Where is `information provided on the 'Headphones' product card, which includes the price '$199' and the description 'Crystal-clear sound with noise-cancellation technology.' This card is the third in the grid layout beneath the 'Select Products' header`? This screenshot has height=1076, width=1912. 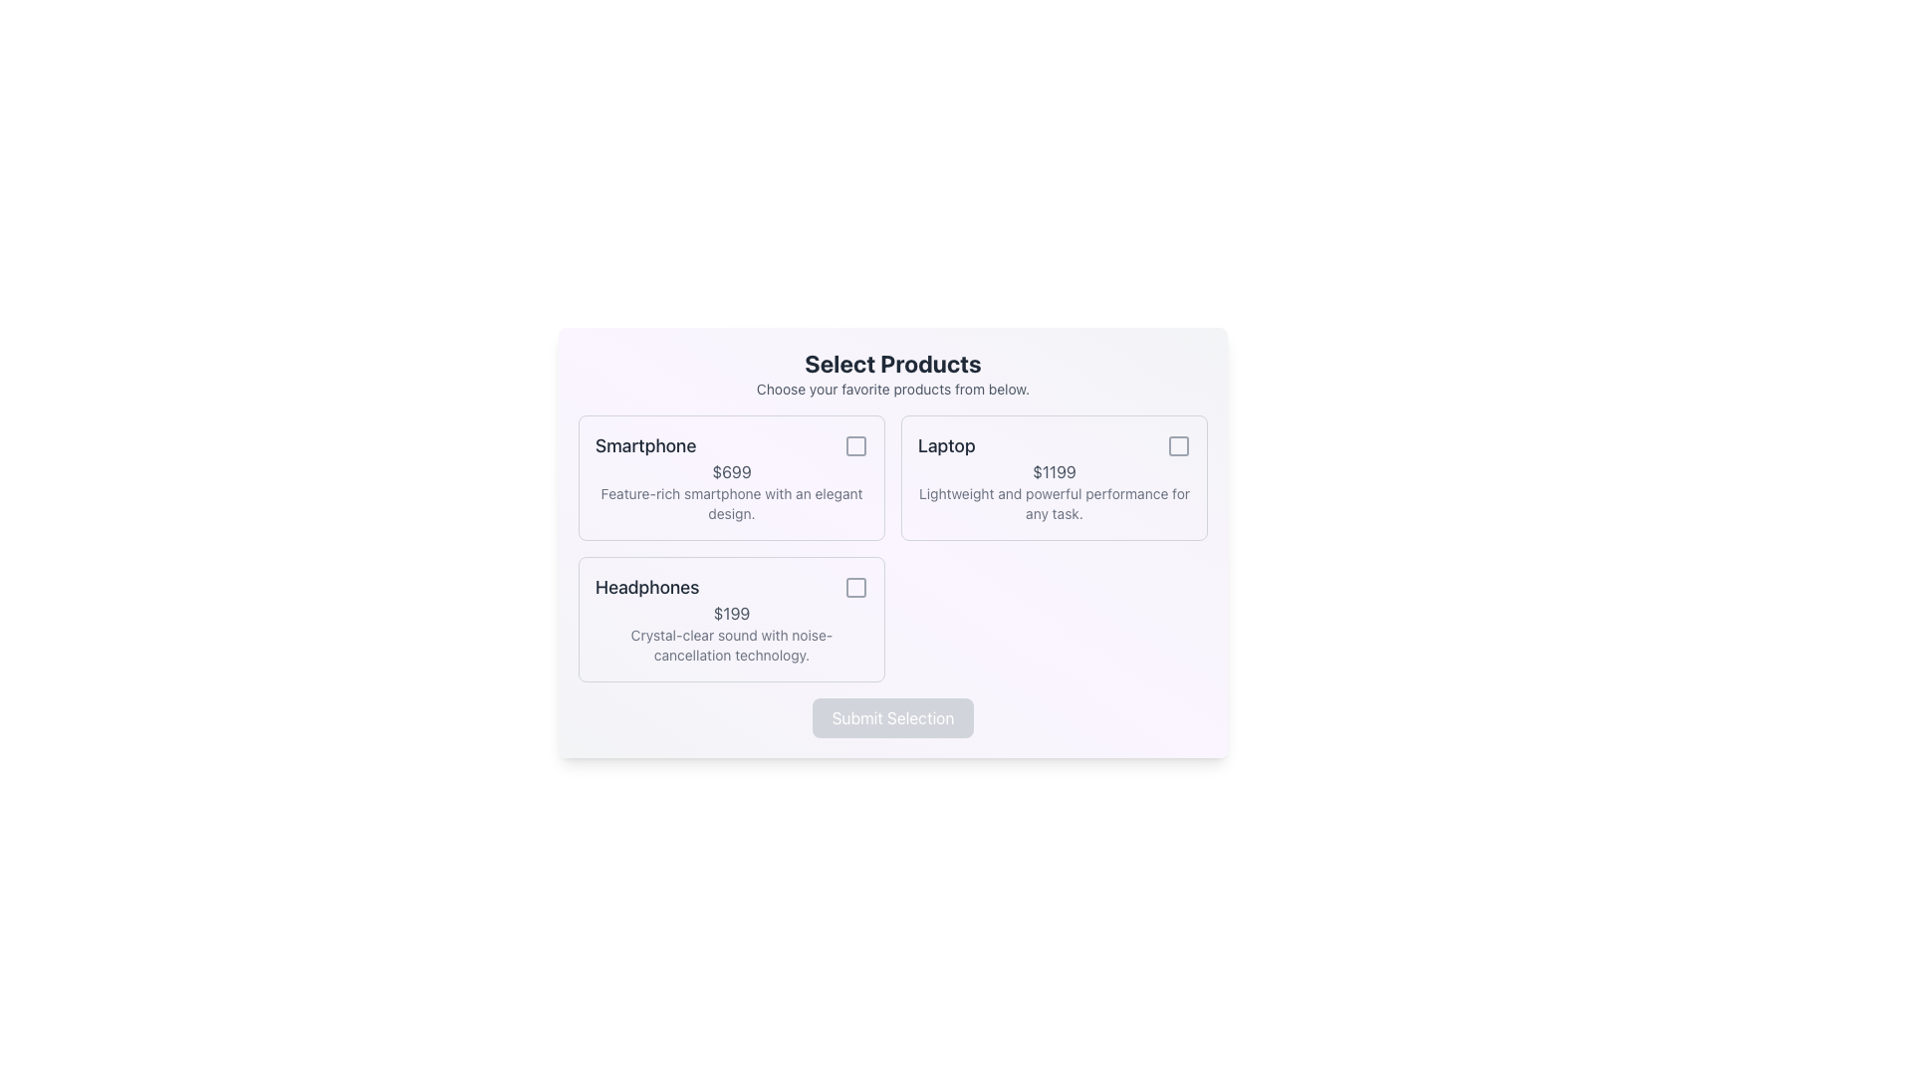 information provided on the 'Headphones' product card, which includes the price '$199' and the description 'Crystal-clear sound with noise-cancellation technology.' This card is the third in the grid layout beneath the 'Select Products' header is located at coordinates (730, 618).